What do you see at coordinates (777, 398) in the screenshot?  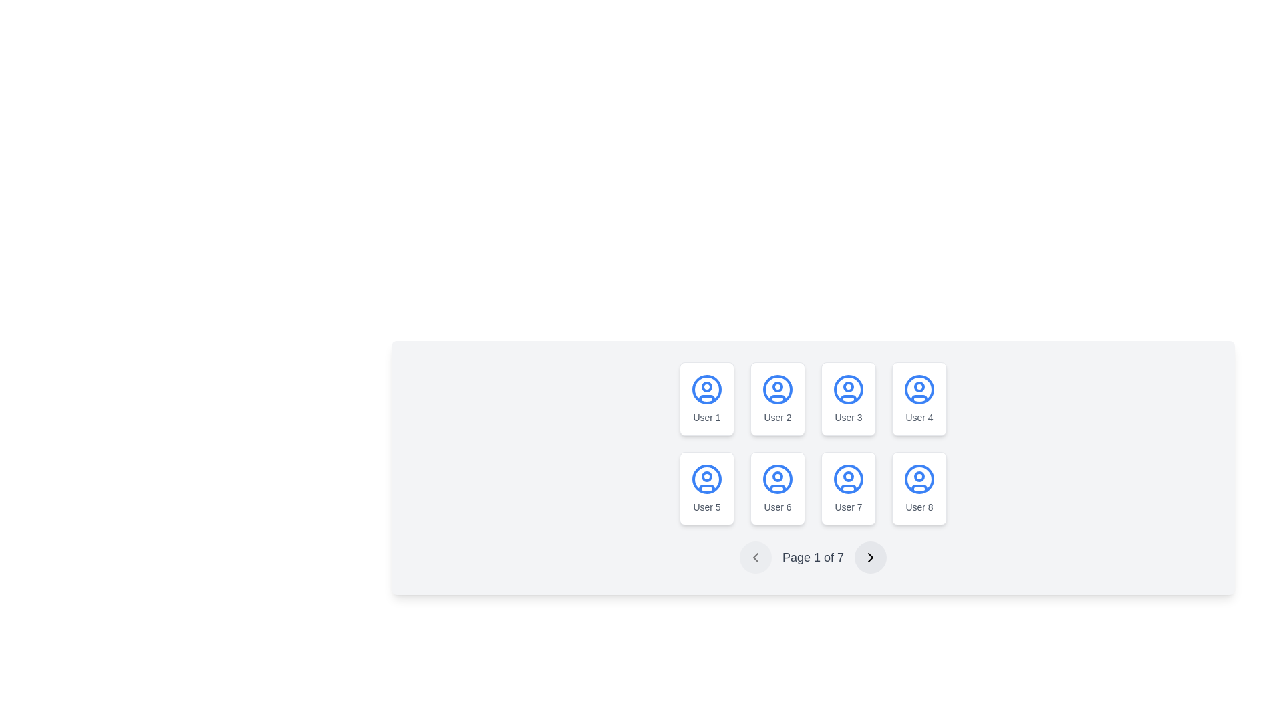 I see `the lower section of the user icon, which is depicted as a circular outline with a blue outline and white fill, located in the second position in the top row of user icons` at bounding box center [777, 398].